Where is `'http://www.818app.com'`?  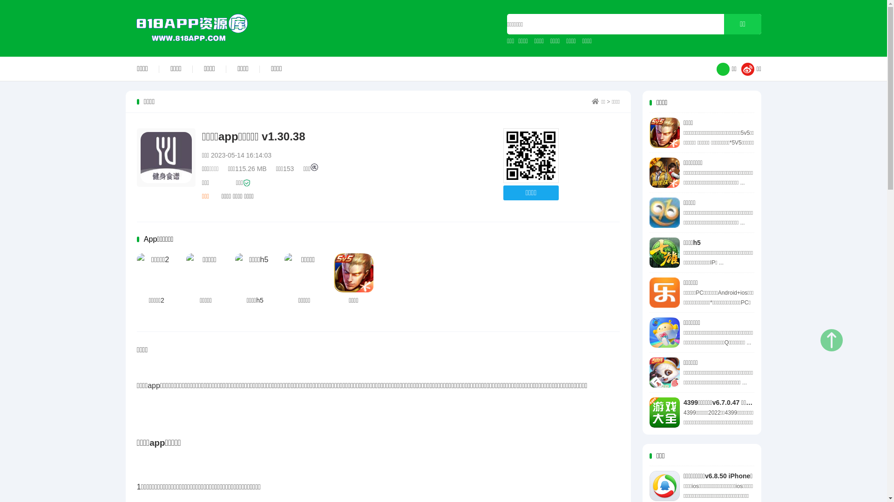
'http://www.818app.com' is located at coordinates (531, 155).